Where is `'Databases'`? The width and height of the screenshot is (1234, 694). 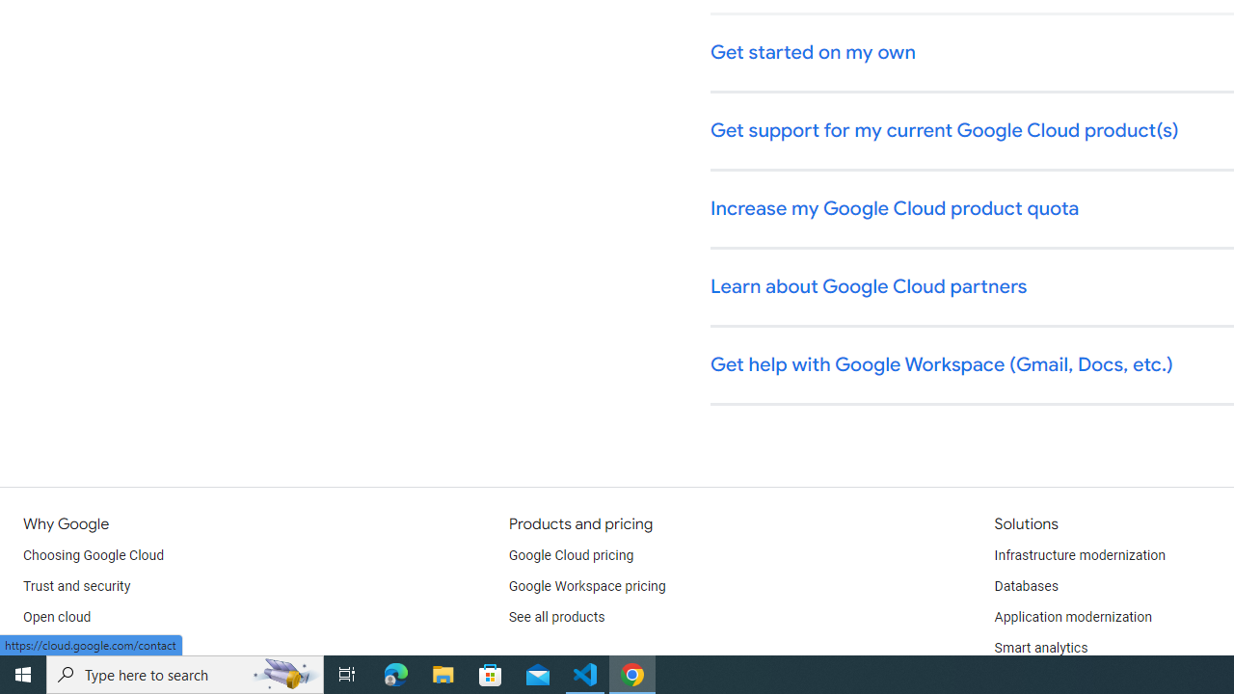
'Databases' is located at coordinates (1025, 586).